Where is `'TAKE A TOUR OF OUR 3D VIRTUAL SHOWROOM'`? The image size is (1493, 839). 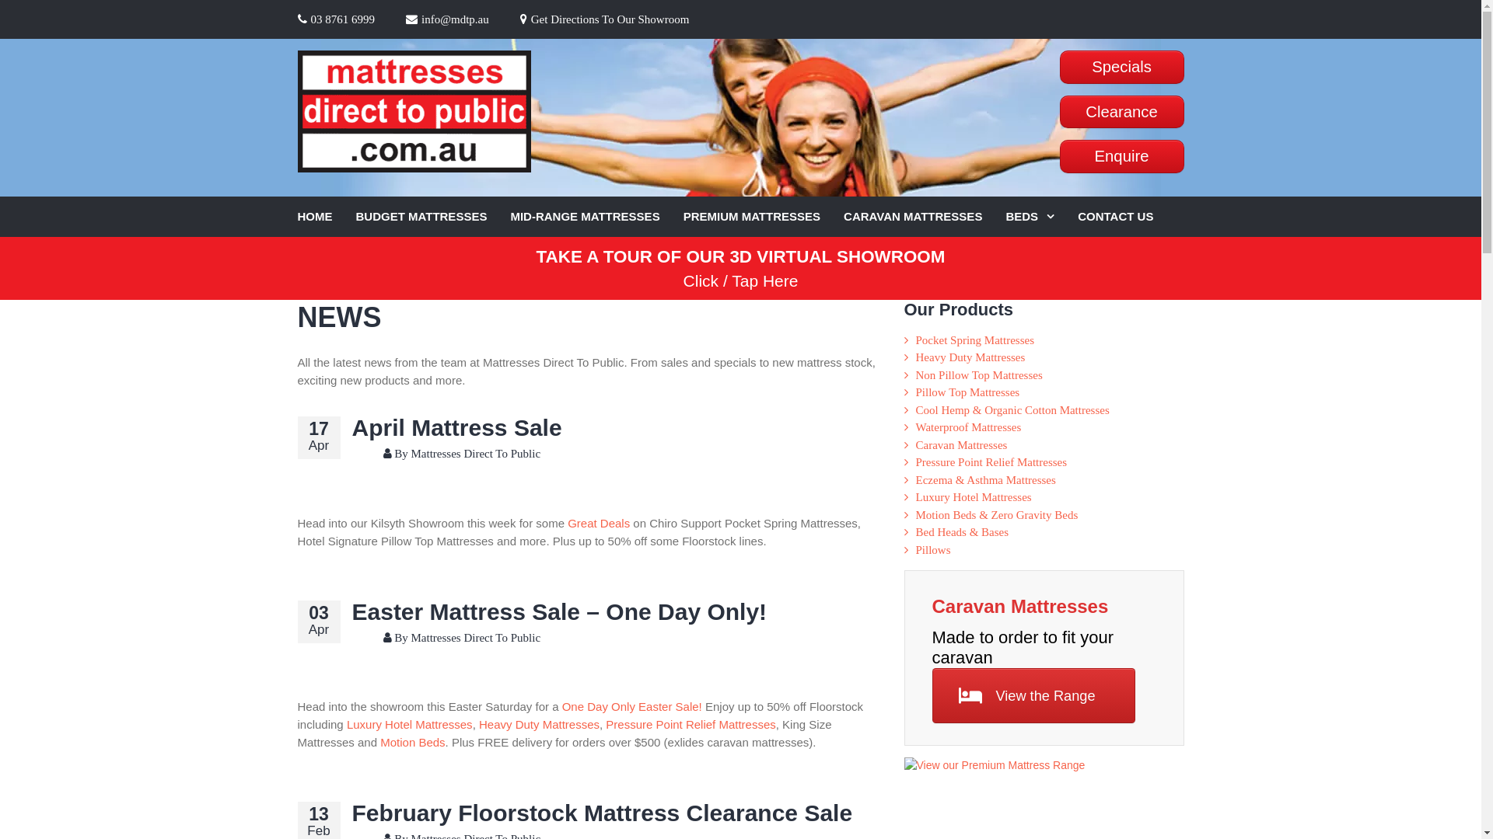
'TAKE A TOUR OF OUR 3D VIRTUAL SHOWROOM' is located at coordinates (740, 256).